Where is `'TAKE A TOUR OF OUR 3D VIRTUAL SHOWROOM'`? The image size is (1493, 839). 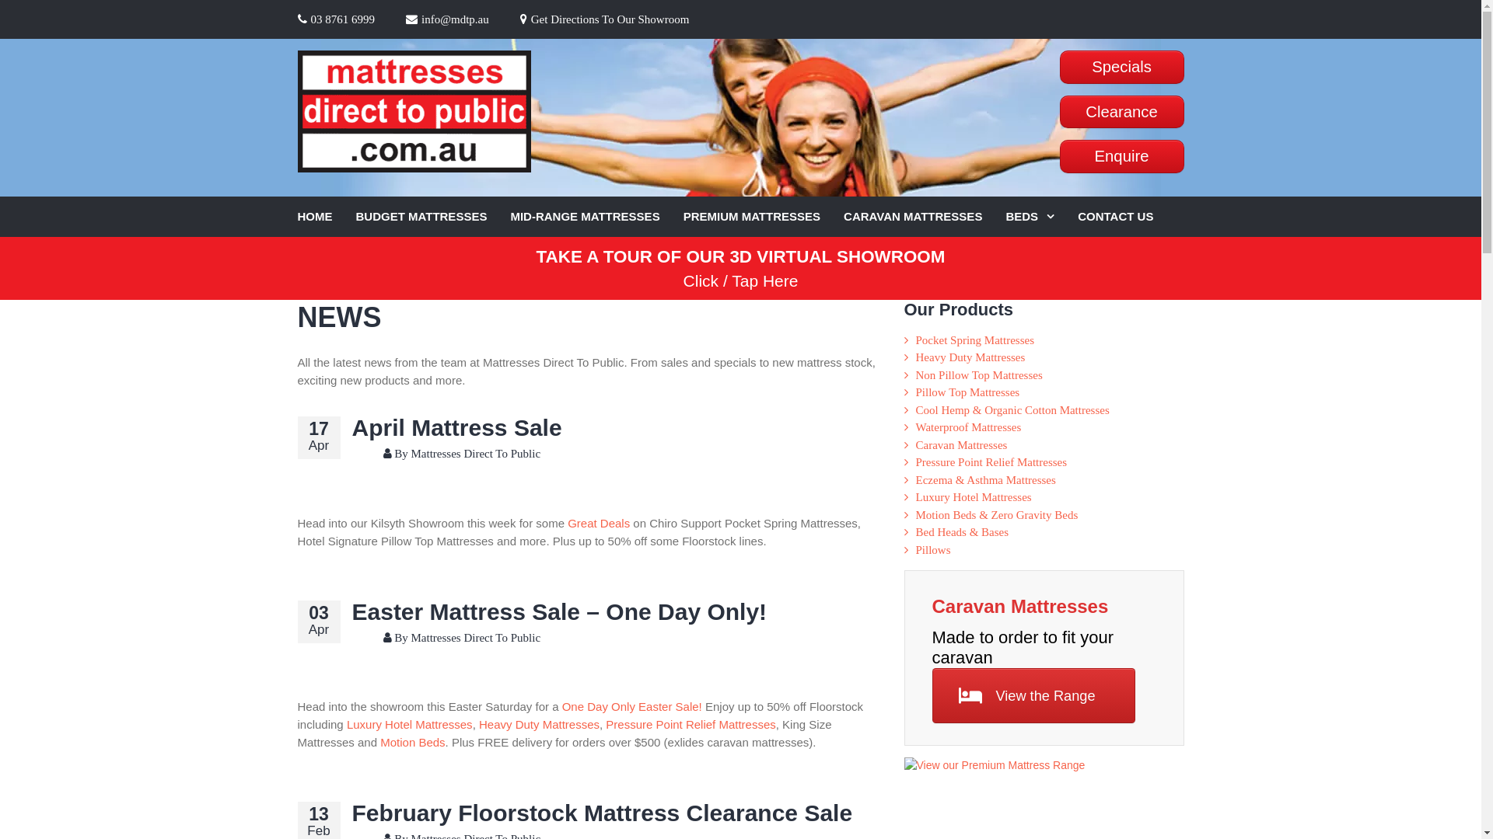
'TAKE A TOUR OF OUR 3D VIRTUAL SHOWROOM' is located at coordinates (740, 256).